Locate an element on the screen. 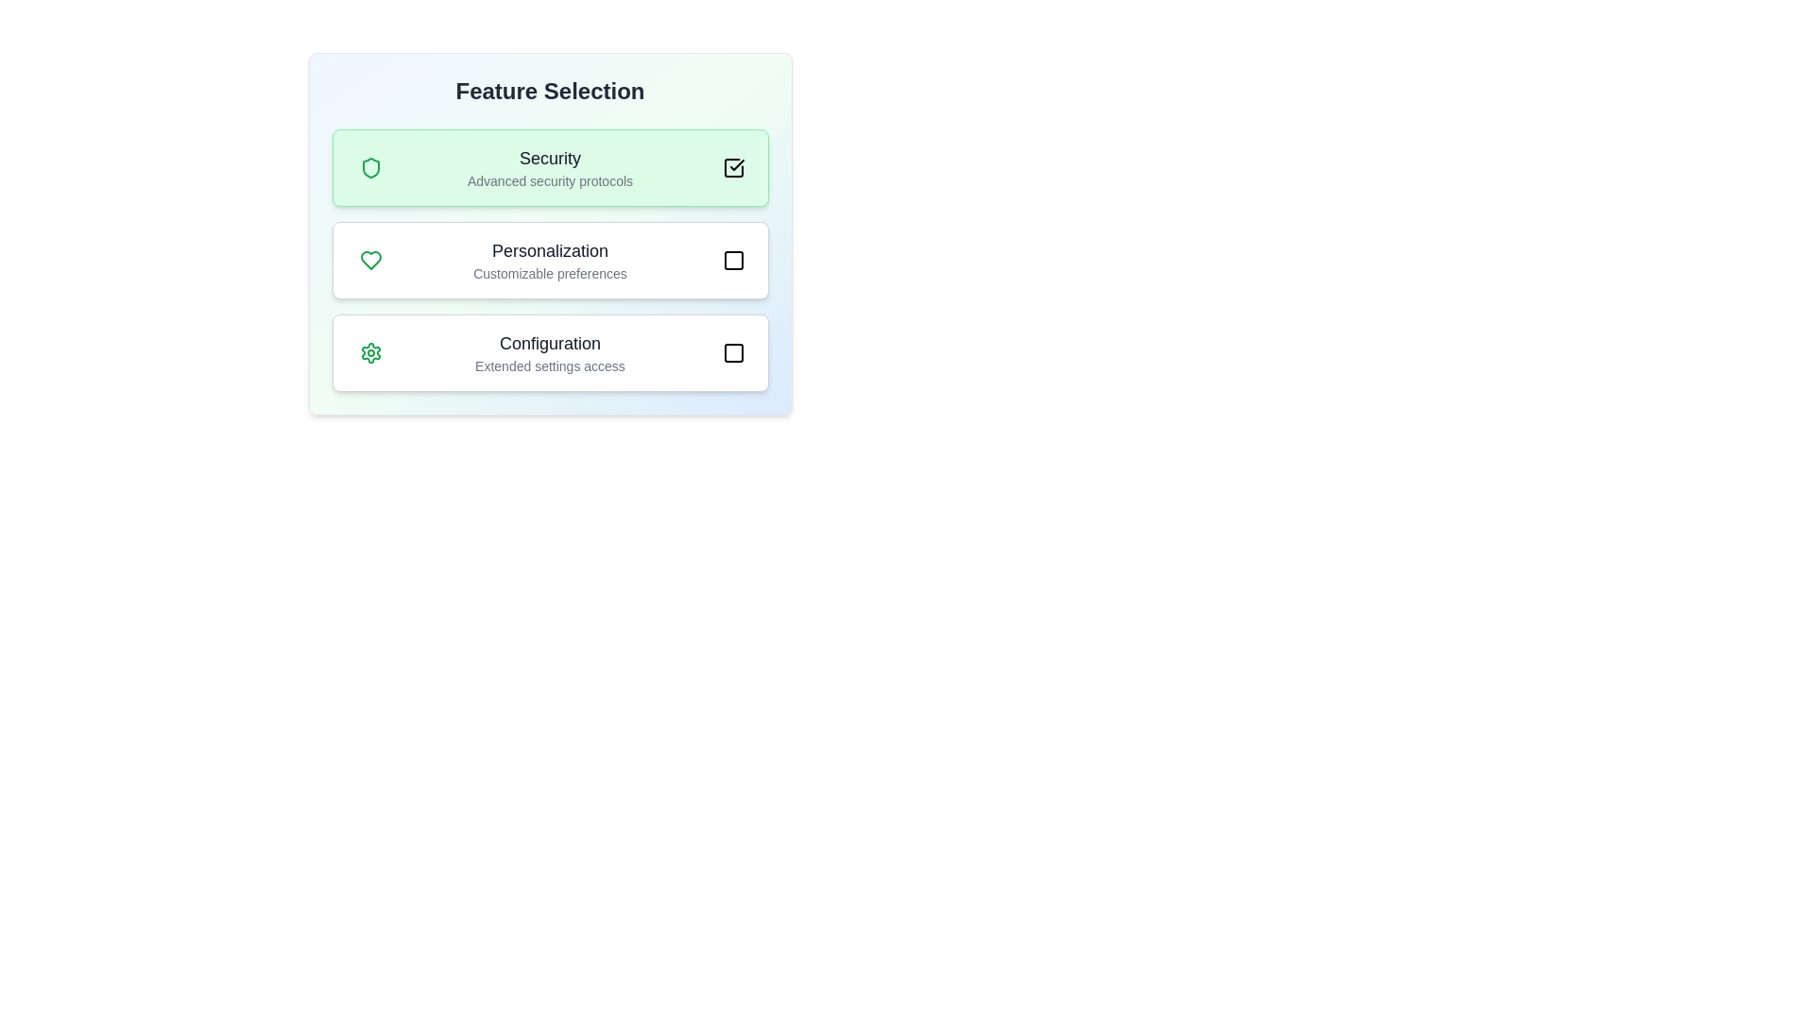 The height and width of the screenshot is (1020, 1814). the 'Personalization' Selection Panel, which is the second panel in a vertical list of three panels, located between 'Security' and 'Configuration' is located at coordinates (549, 261).